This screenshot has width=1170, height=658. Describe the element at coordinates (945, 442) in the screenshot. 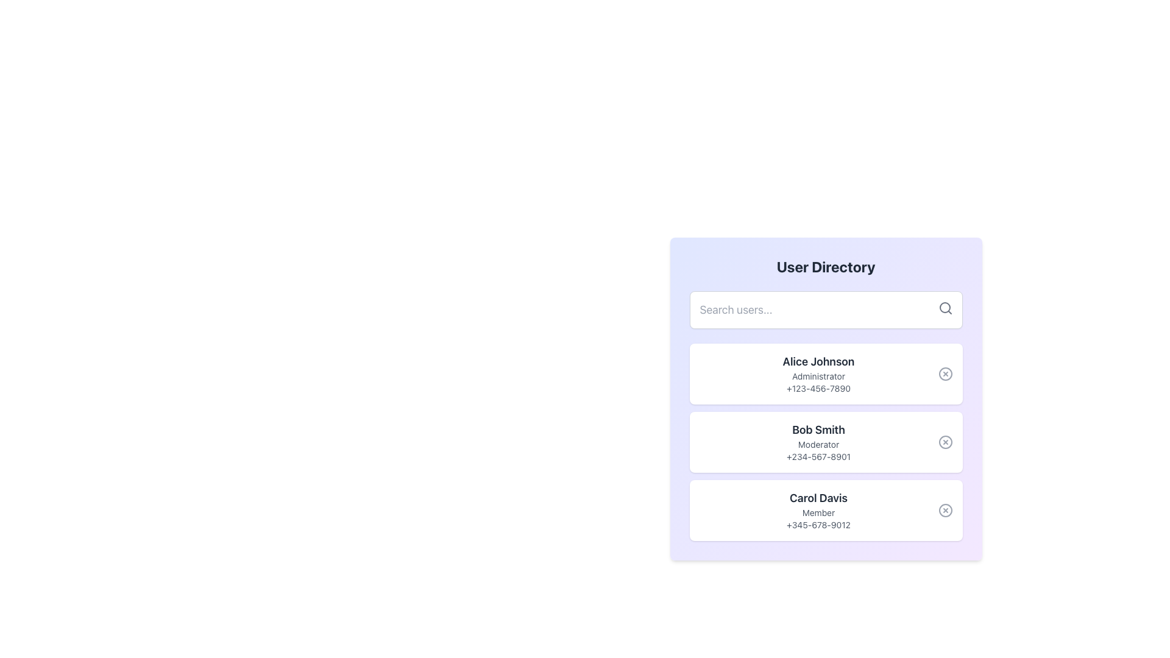

I see `the delete button (icon-based) associated with the 'Bob Smith' entry in the user directory` at that location.